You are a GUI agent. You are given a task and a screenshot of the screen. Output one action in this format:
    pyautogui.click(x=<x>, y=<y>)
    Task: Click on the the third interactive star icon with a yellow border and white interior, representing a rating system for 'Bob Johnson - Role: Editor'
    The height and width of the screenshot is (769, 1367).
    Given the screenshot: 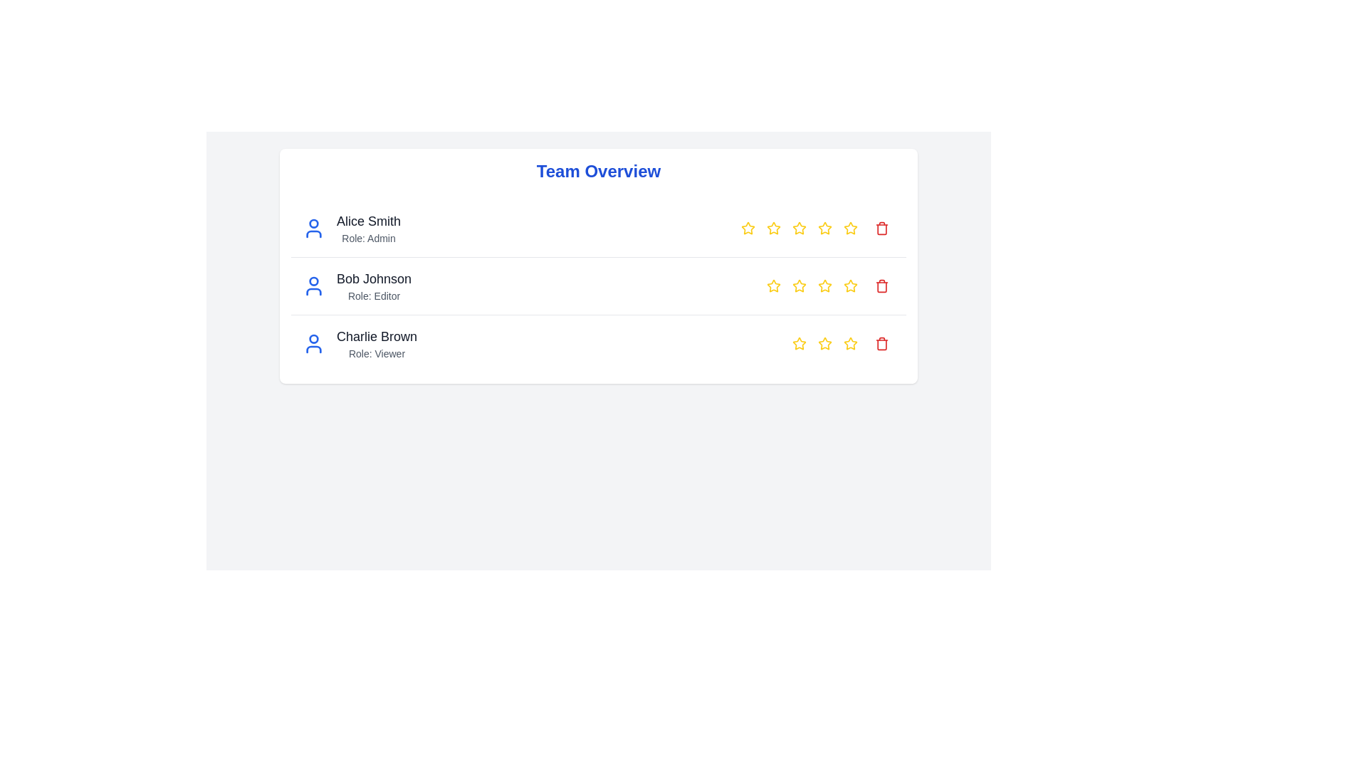 What is the action you would take?
    pyautogui.click(x=799, y=286)
    